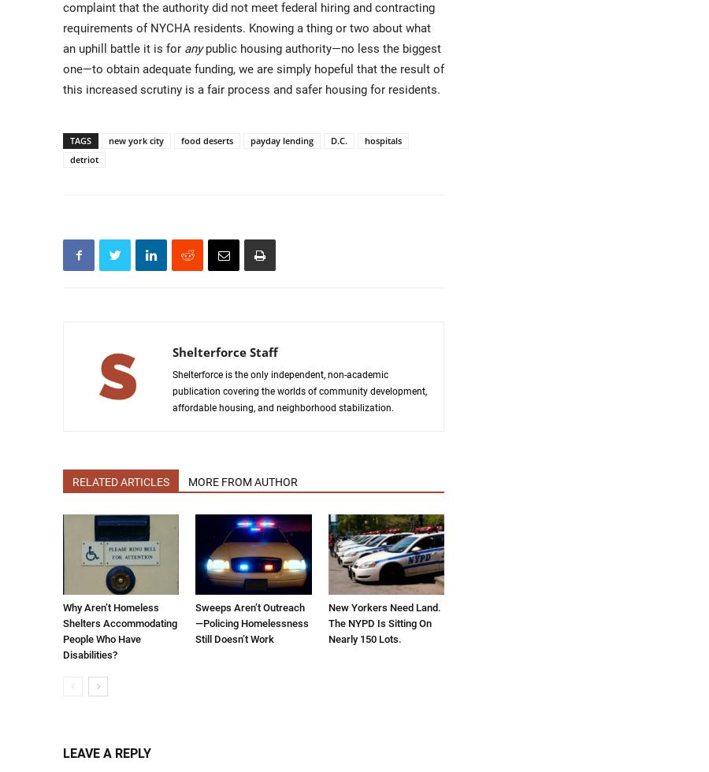 The image size is (709, 772). Describe the element at coordinates (282, 140) in the screenshot. I see `'payday lending'` at that location.